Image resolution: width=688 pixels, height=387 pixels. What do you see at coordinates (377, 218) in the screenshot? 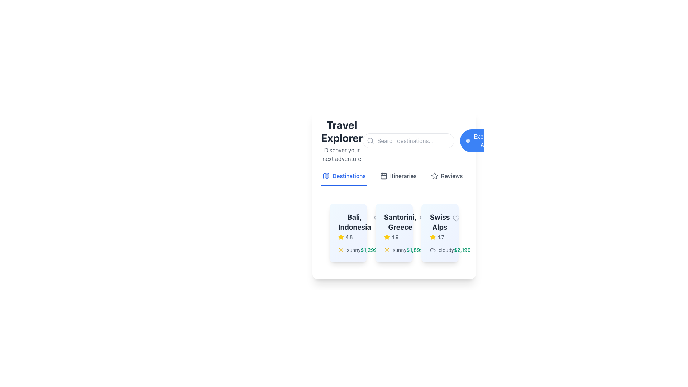
I see `the favorite toggle button for the destination 'Santorini, Greece'` at bounding box center [377, 218].